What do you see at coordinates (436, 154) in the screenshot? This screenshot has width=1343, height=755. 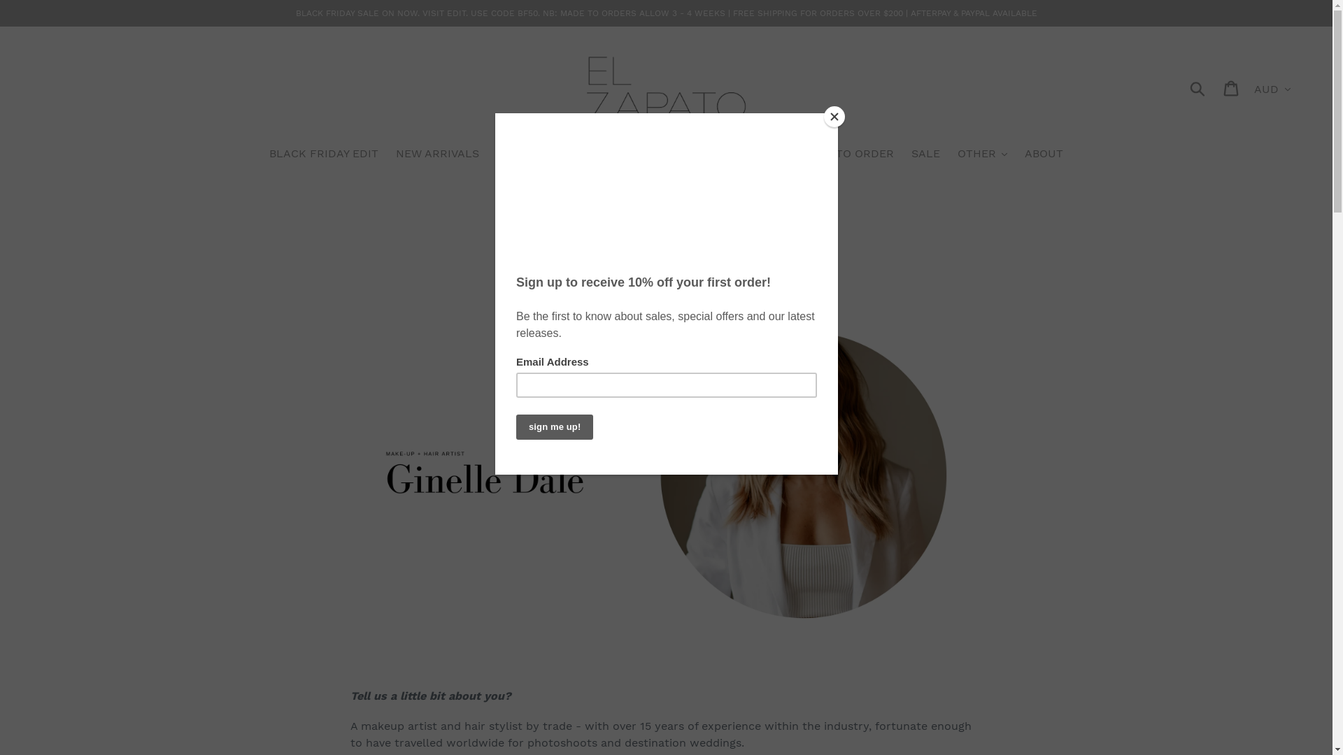 I see `'NEW ARRIVALS'` at bounding box center [436, 154].